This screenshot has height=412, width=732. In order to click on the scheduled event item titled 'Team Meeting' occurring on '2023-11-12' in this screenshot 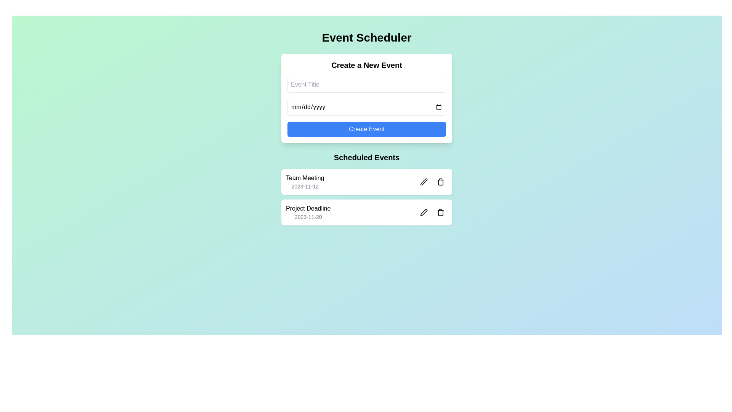, I will do `click(366, 182)`.